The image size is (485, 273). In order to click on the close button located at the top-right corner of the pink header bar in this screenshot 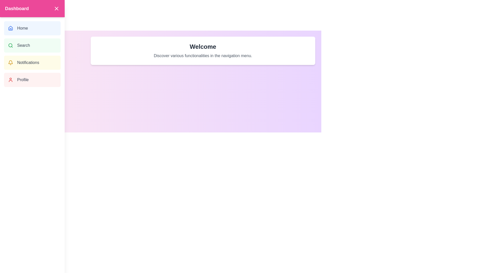, I will do `click(57, 9)`.